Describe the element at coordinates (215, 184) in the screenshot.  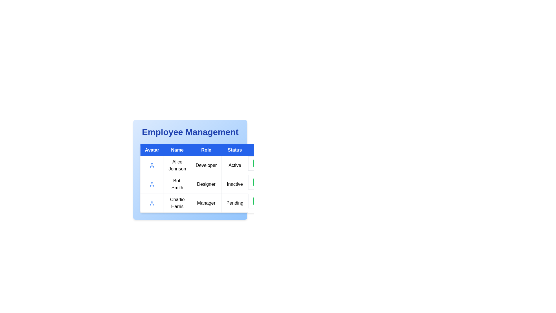
I see `the second table row in the Employee Management section, which displays information about an employee, positioned between 'Alice Johnson' and 'Charlie Harris'` at that location.